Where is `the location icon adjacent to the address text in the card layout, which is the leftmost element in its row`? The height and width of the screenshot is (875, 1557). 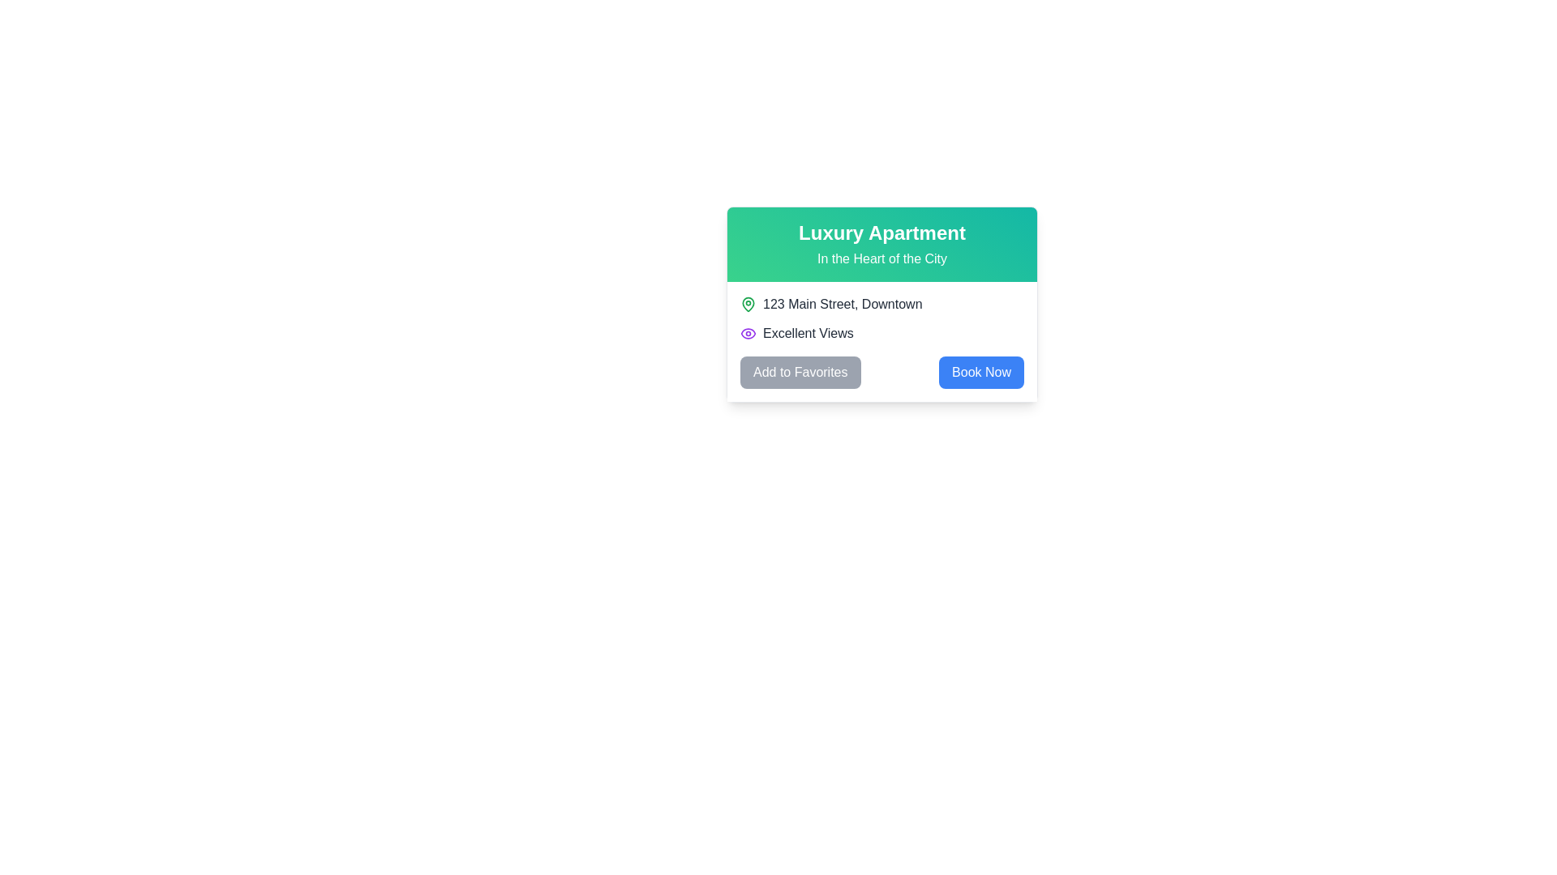 the location icon adjacent to the address text in the card layout, which is the leftmost element in its row is located at coordinates (747, 303).